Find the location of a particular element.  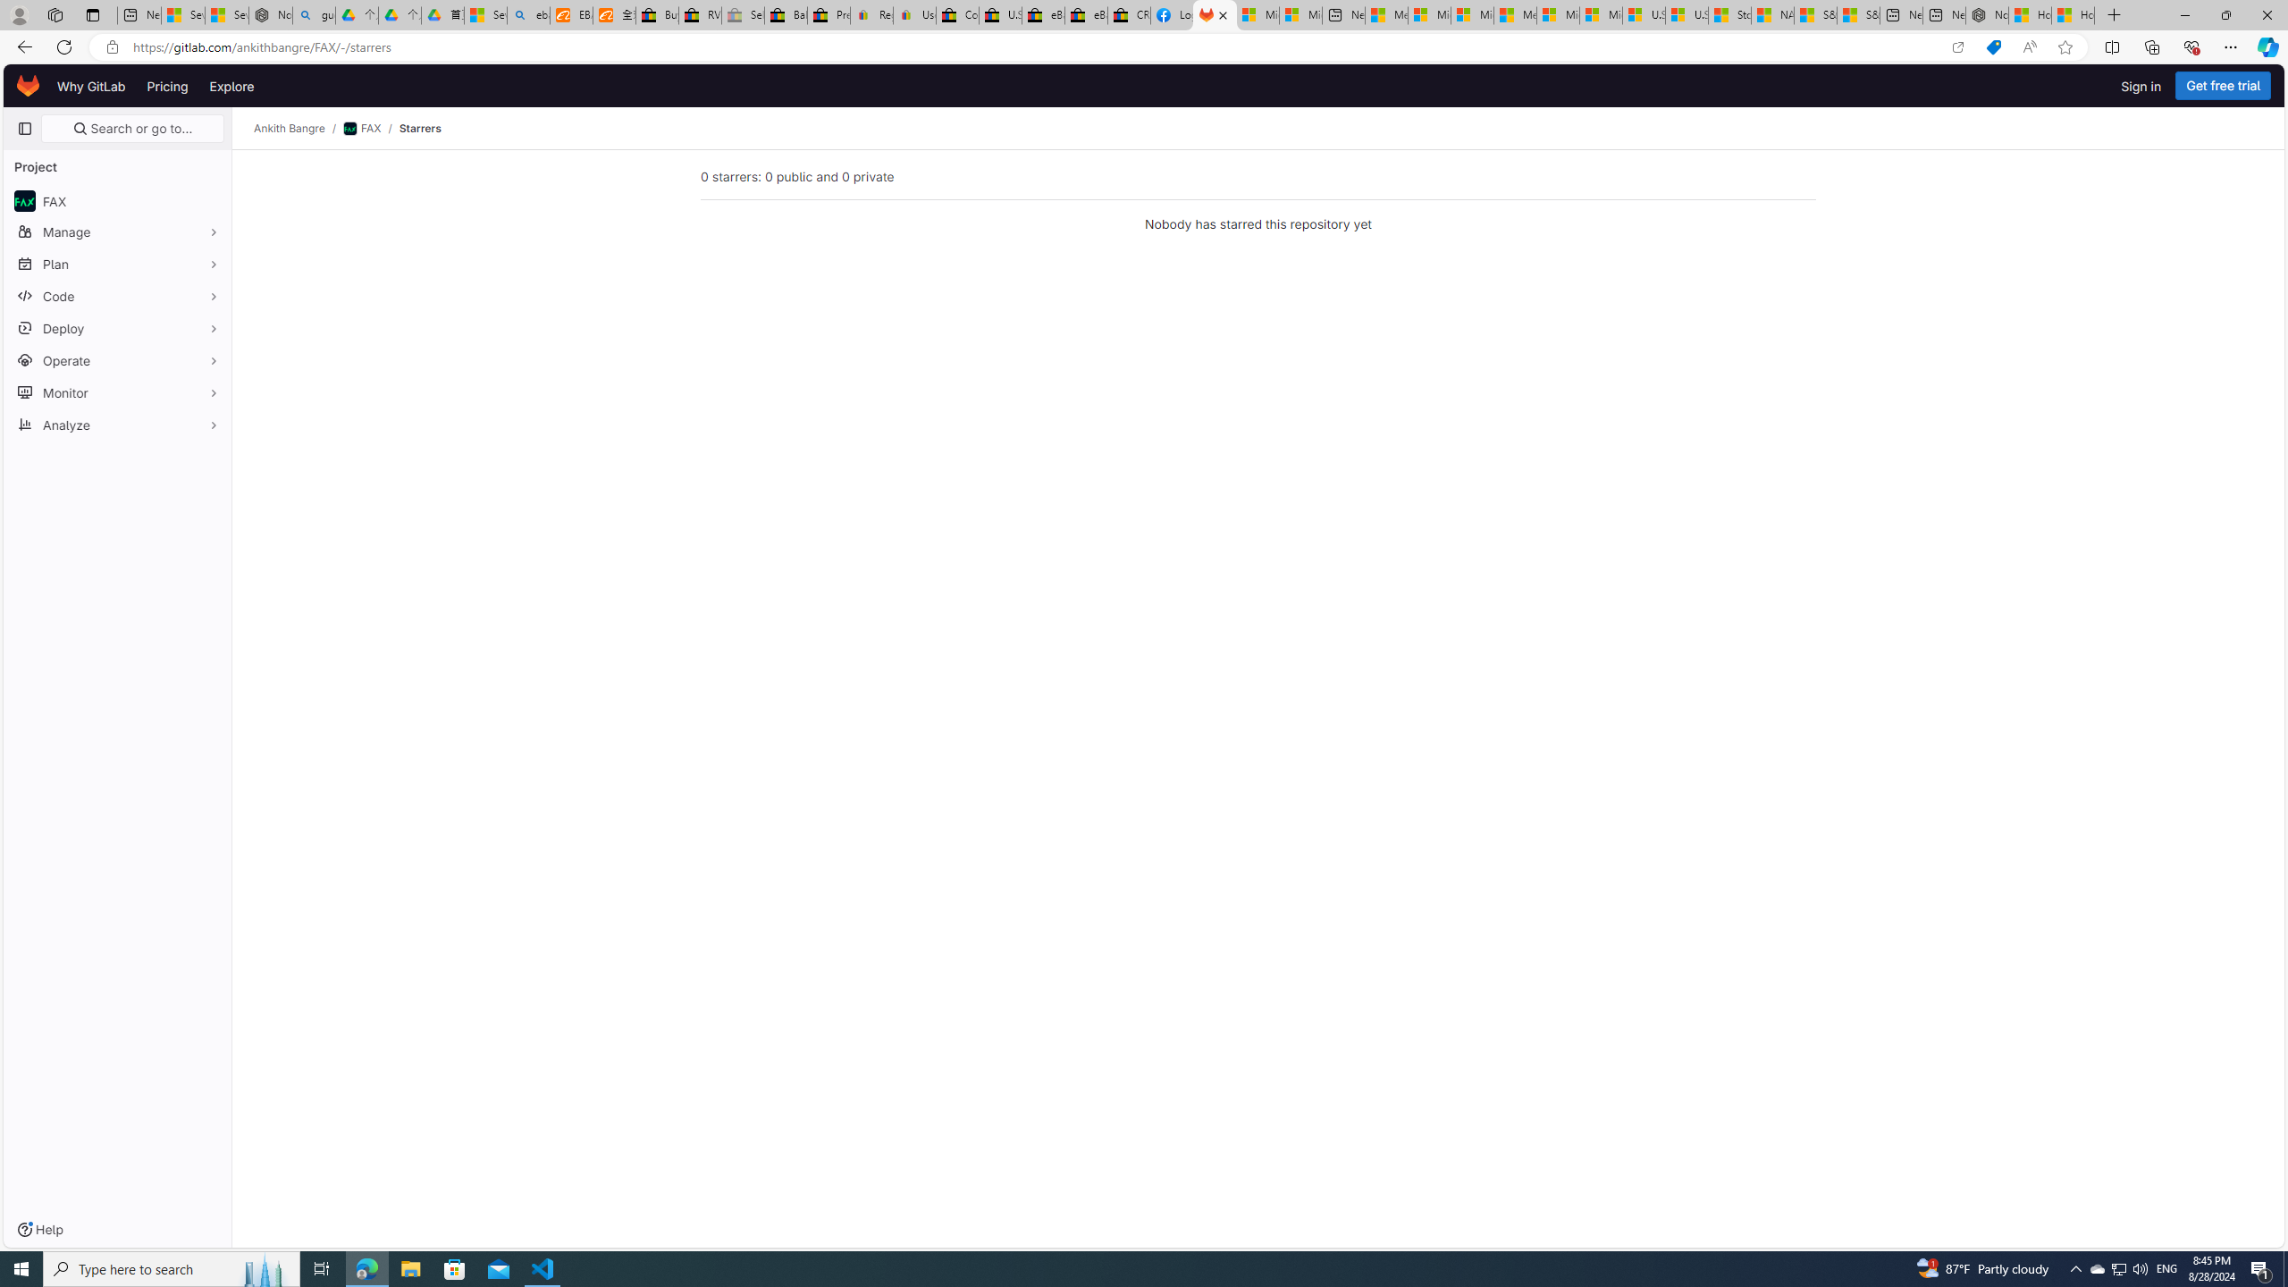

'Register: Create a personal eBay account' is located at coordinates (871, 14).